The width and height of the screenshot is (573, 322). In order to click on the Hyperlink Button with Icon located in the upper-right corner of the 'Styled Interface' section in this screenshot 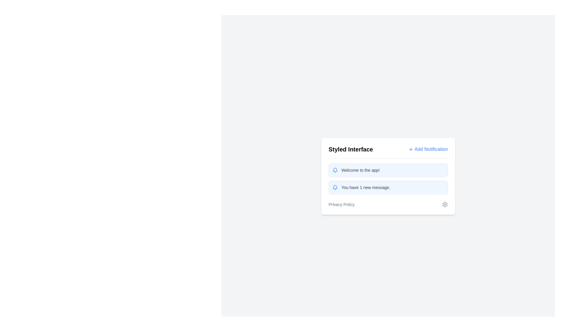, I will do `click(428, 149)`.